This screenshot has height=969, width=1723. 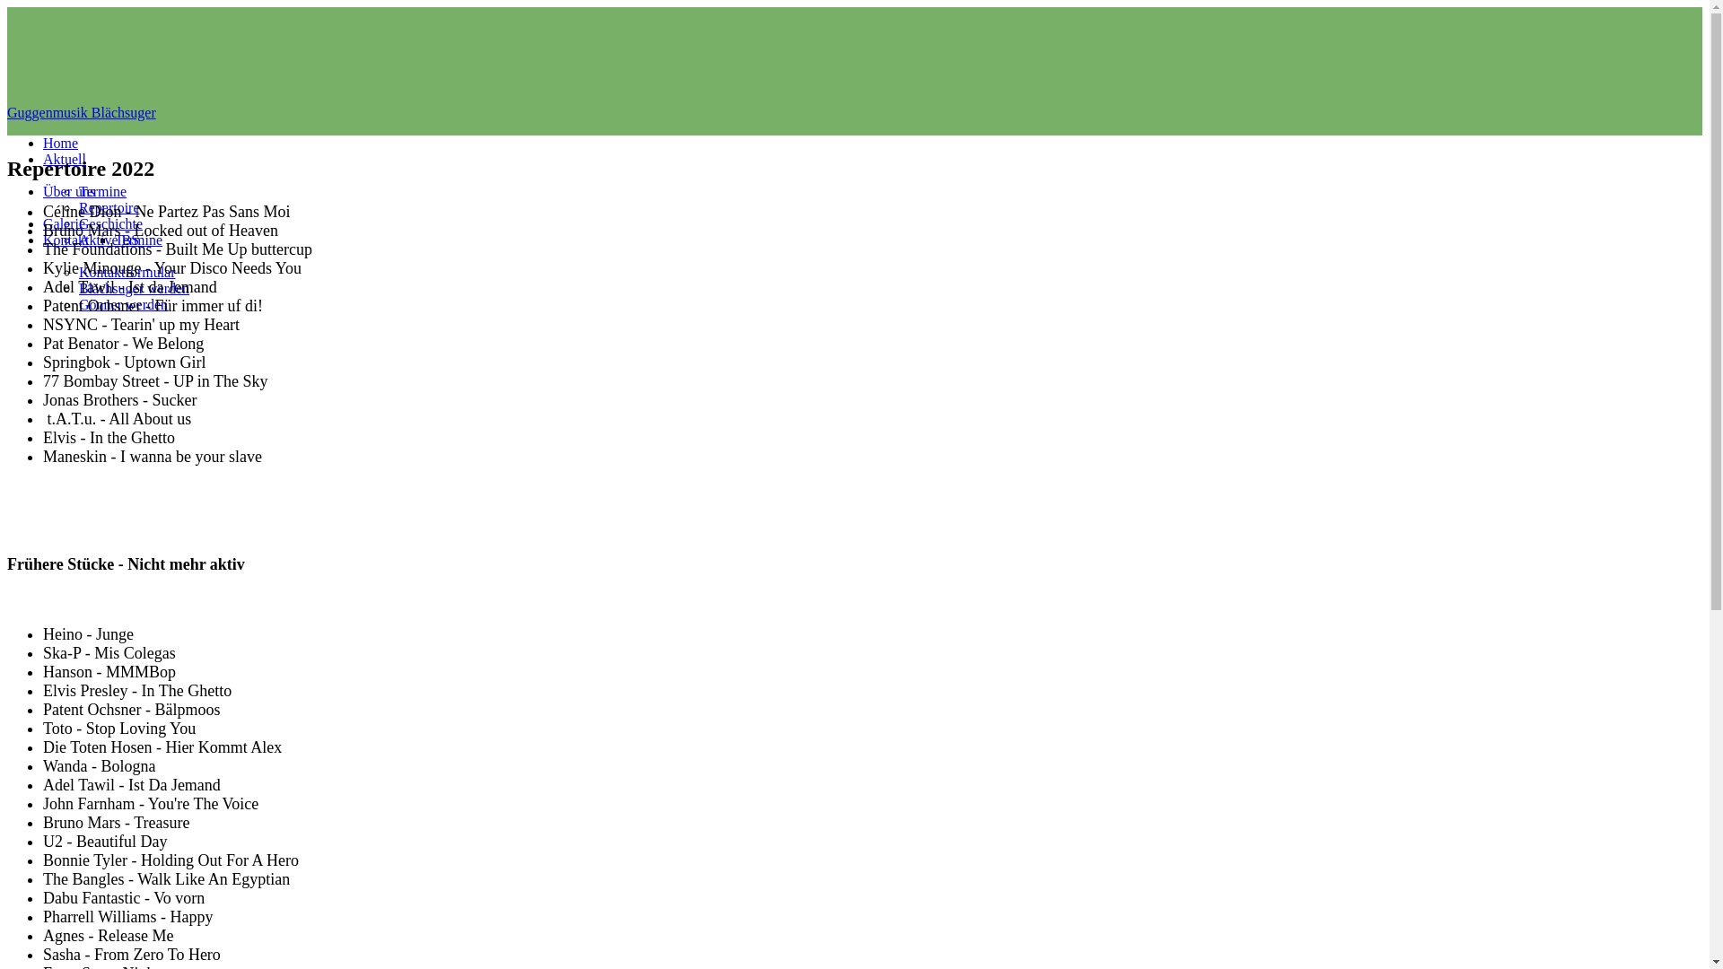 What do you see at coordinates (43, 158) in the screenshot?
I see `'Aktuell'` at bounding box center [43, 158].